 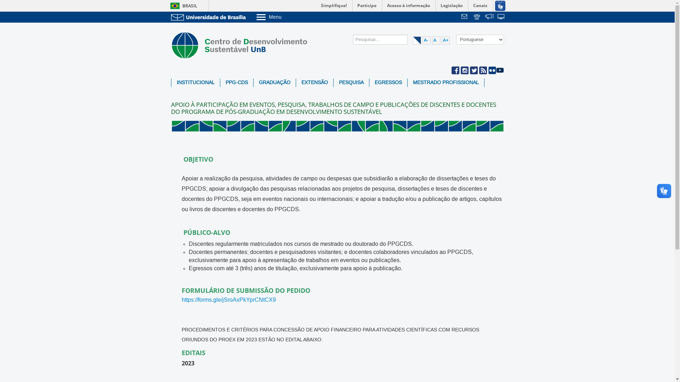 What do you see at coordinates (445, 40) in the screenshot?
I see `'A+'` at bounding box center [445, 40].